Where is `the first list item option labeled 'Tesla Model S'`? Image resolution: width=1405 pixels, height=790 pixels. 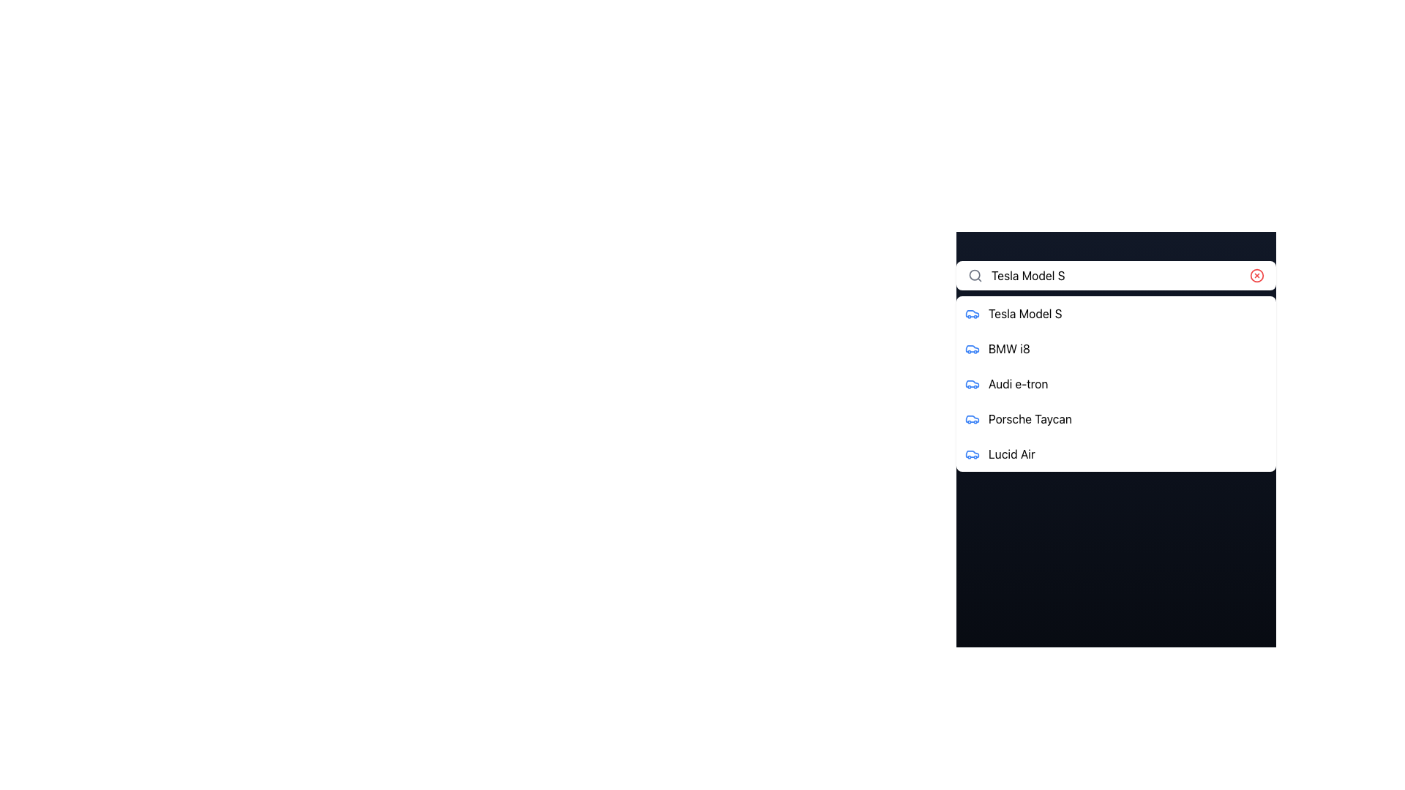 the first list item option labeled 'Tesla Model S' is located at coordinates (1115, 312).